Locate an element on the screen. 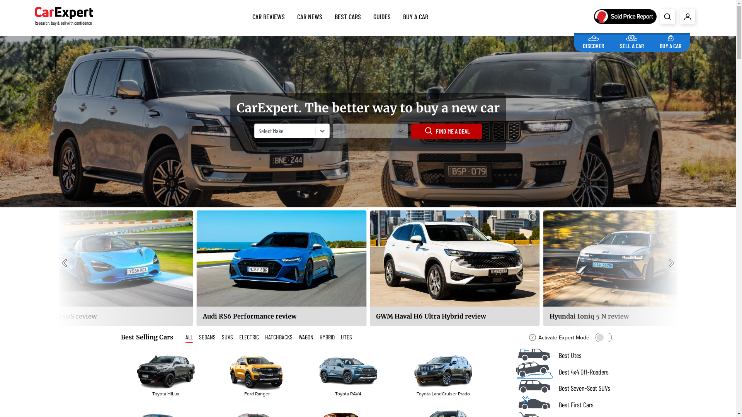 Image resolution: width=742 pixels, height=417 pixels. 'Toyota RAV4' is located at coordinates (347, 375).